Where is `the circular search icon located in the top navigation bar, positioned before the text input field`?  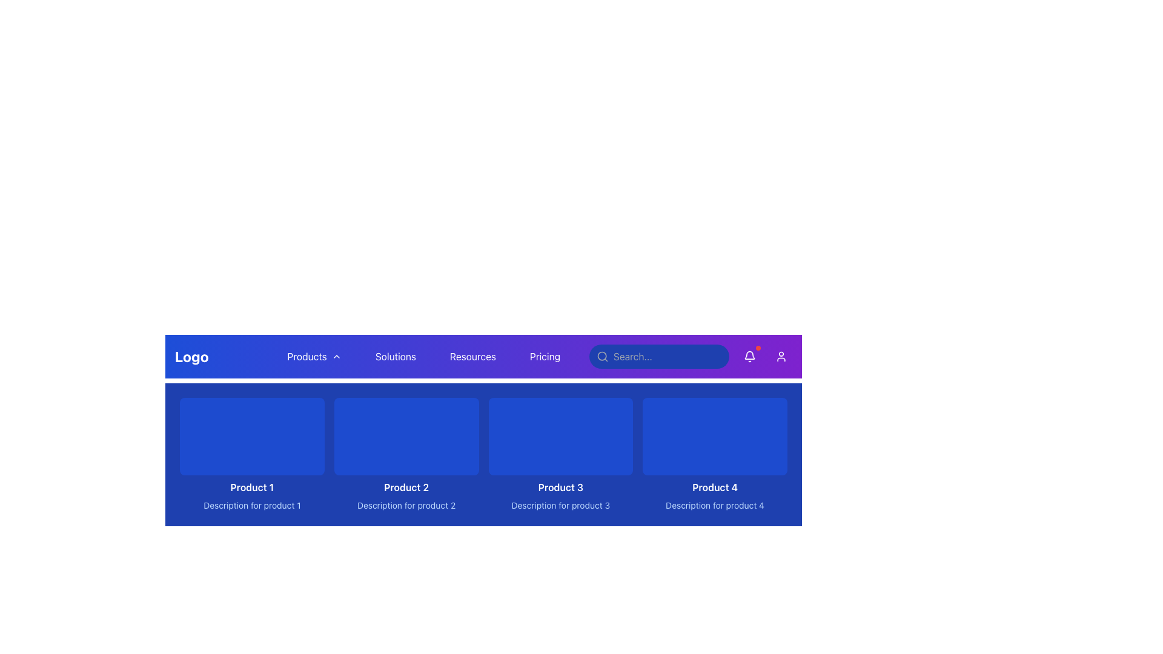
the circular search icon located in the top navigation bar, positioned before the text input field is located at coordinates (602, 355).